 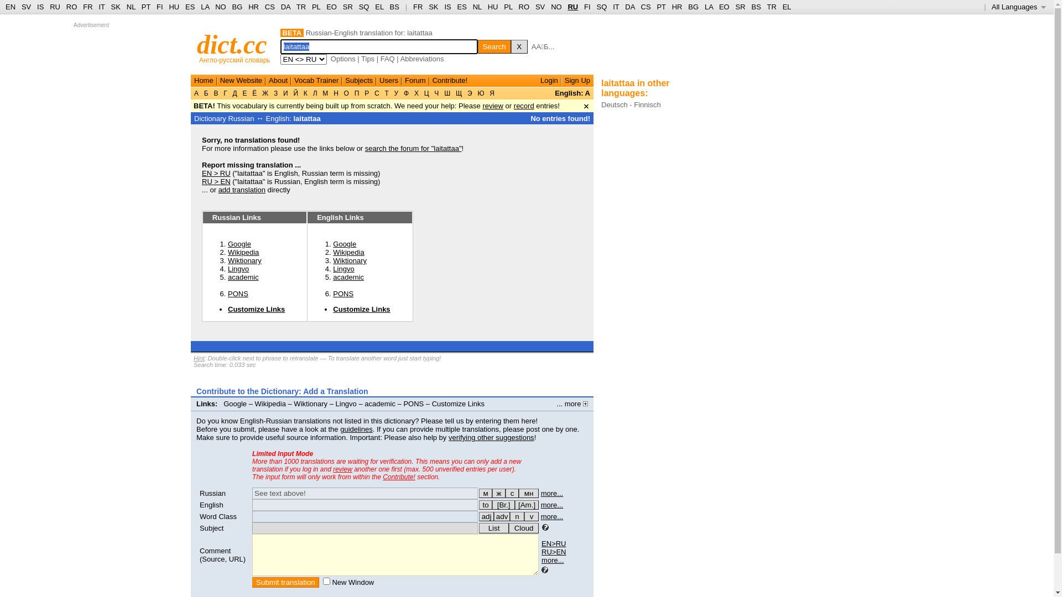 What do you see at coordinates (364, 7) in the screenshot?
I see `'SQ'` at bounding box center [364, 7].